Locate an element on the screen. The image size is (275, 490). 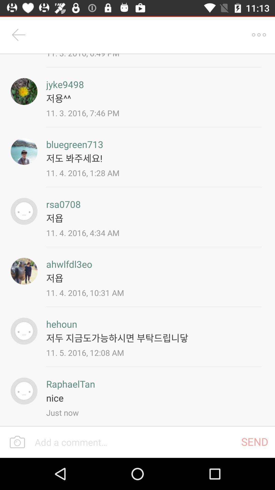
the item above nice is located at coordinates (71, 384).